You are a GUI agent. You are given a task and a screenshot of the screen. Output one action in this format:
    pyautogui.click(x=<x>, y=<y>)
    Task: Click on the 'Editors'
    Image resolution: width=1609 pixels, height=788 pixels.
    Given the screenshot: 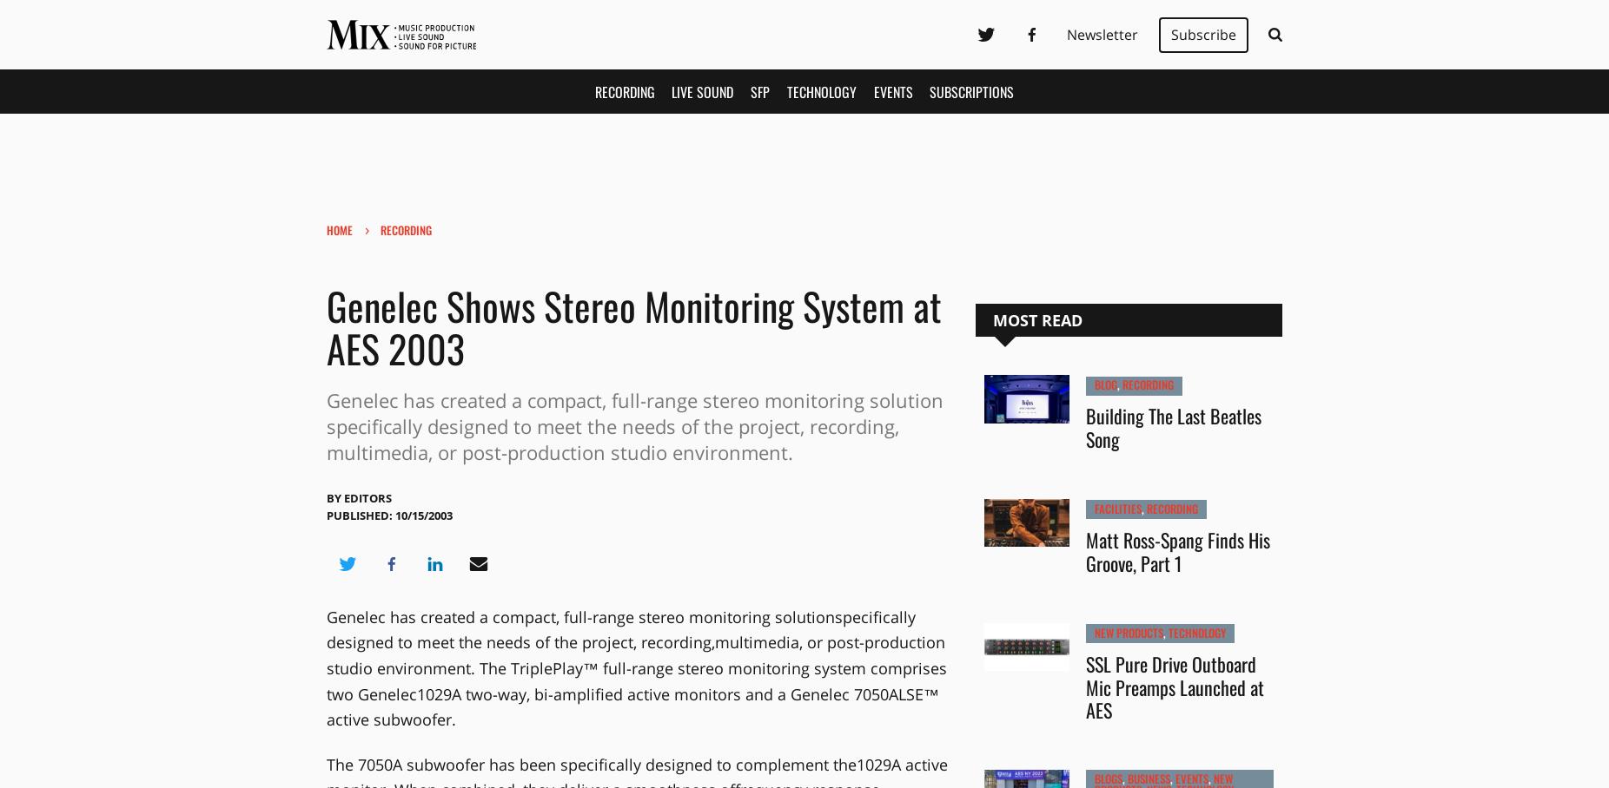 What is the action you would take?
    pyautogui.click(x=367, y=497)
    